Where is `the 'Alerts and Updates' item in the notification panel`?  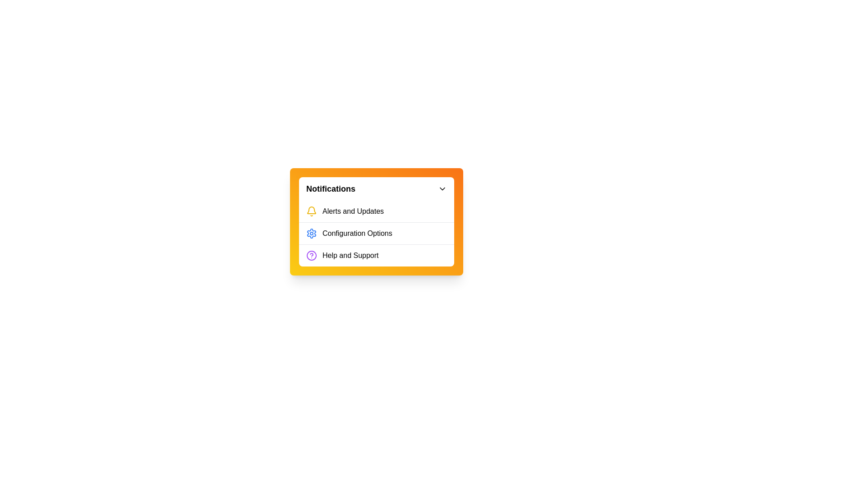 the 'Alerts and Updates' item in the notification panel is located at coordinates (377, 211).